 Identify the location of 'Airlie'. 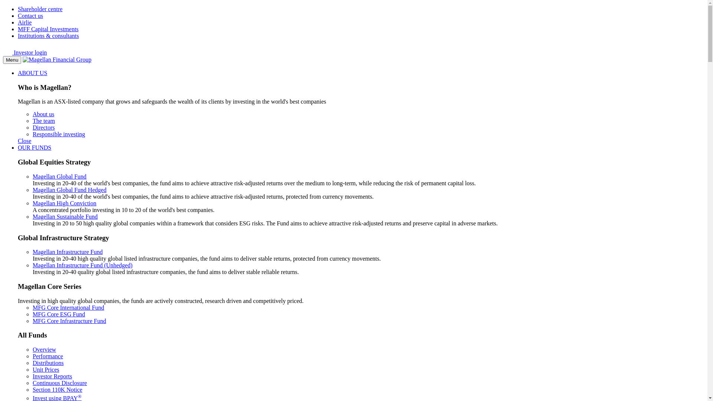
(25, 22).